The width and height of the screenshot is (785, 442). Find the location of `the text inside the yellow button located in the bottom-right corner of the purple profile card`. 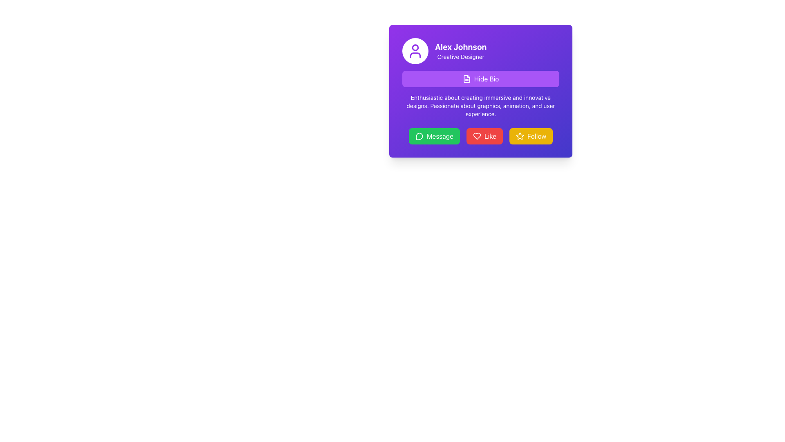

the text inside the yellow button located in the bottom-right corner of the purple profile card is located at coordinates (537, 135).